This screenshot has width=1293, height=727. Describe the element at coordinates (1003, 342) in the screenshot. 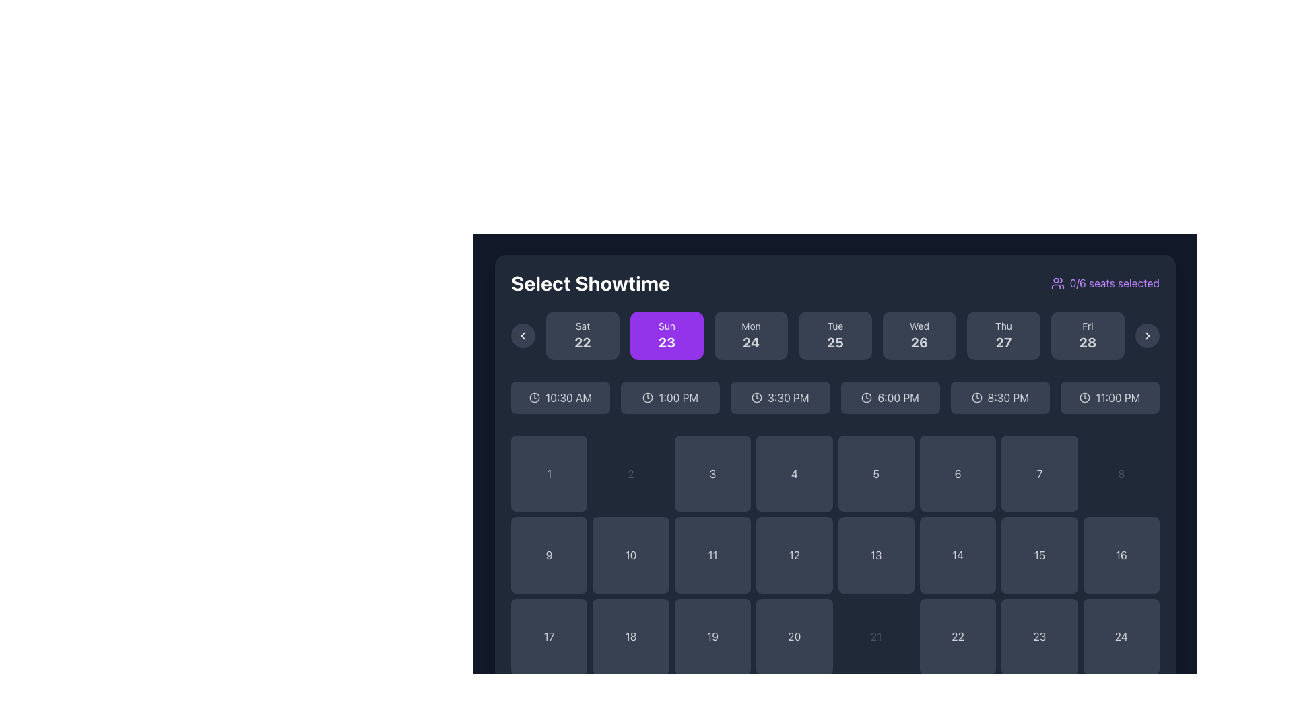

I see `the button labeled 'Thu 27'` at that location.